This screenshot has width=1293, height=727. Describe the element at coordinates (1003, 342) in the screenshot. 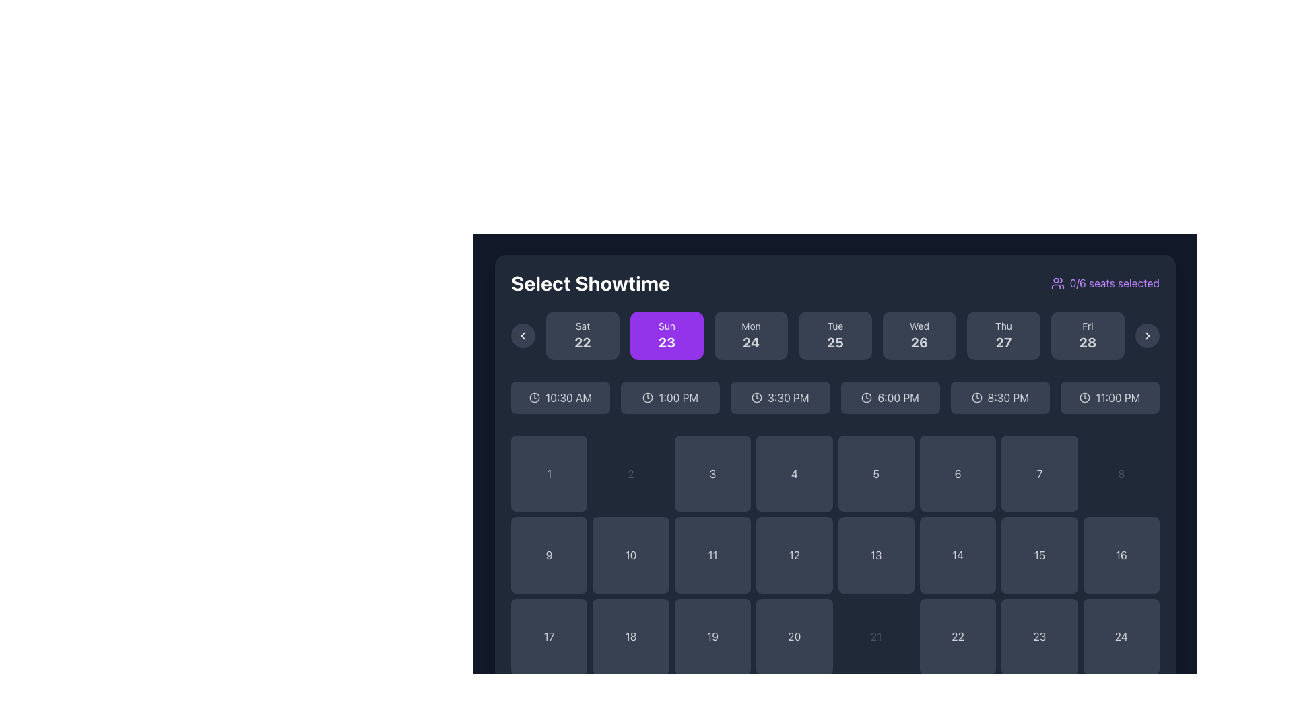

I see `the button labeled 'Thu 27'` at that location.